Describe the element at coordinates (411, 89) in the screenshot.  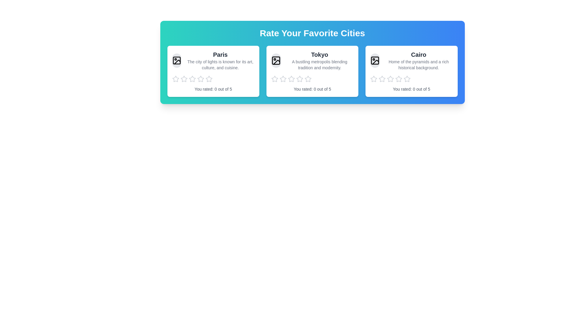
I see `properties of the static text element displaying the user's current rating for the city 'Cairo', located beneath the star rating in the rightmost column of the card` at that location.